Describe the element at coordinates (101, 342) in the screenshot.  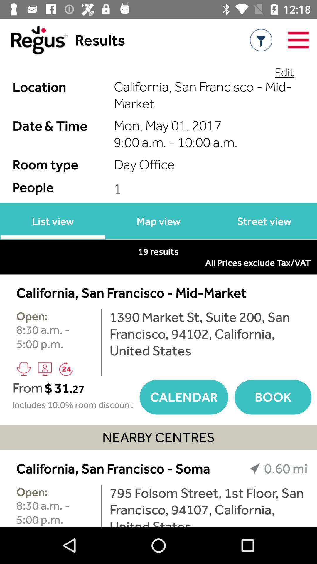
I see `item to the left of 1390 market st` at that location.